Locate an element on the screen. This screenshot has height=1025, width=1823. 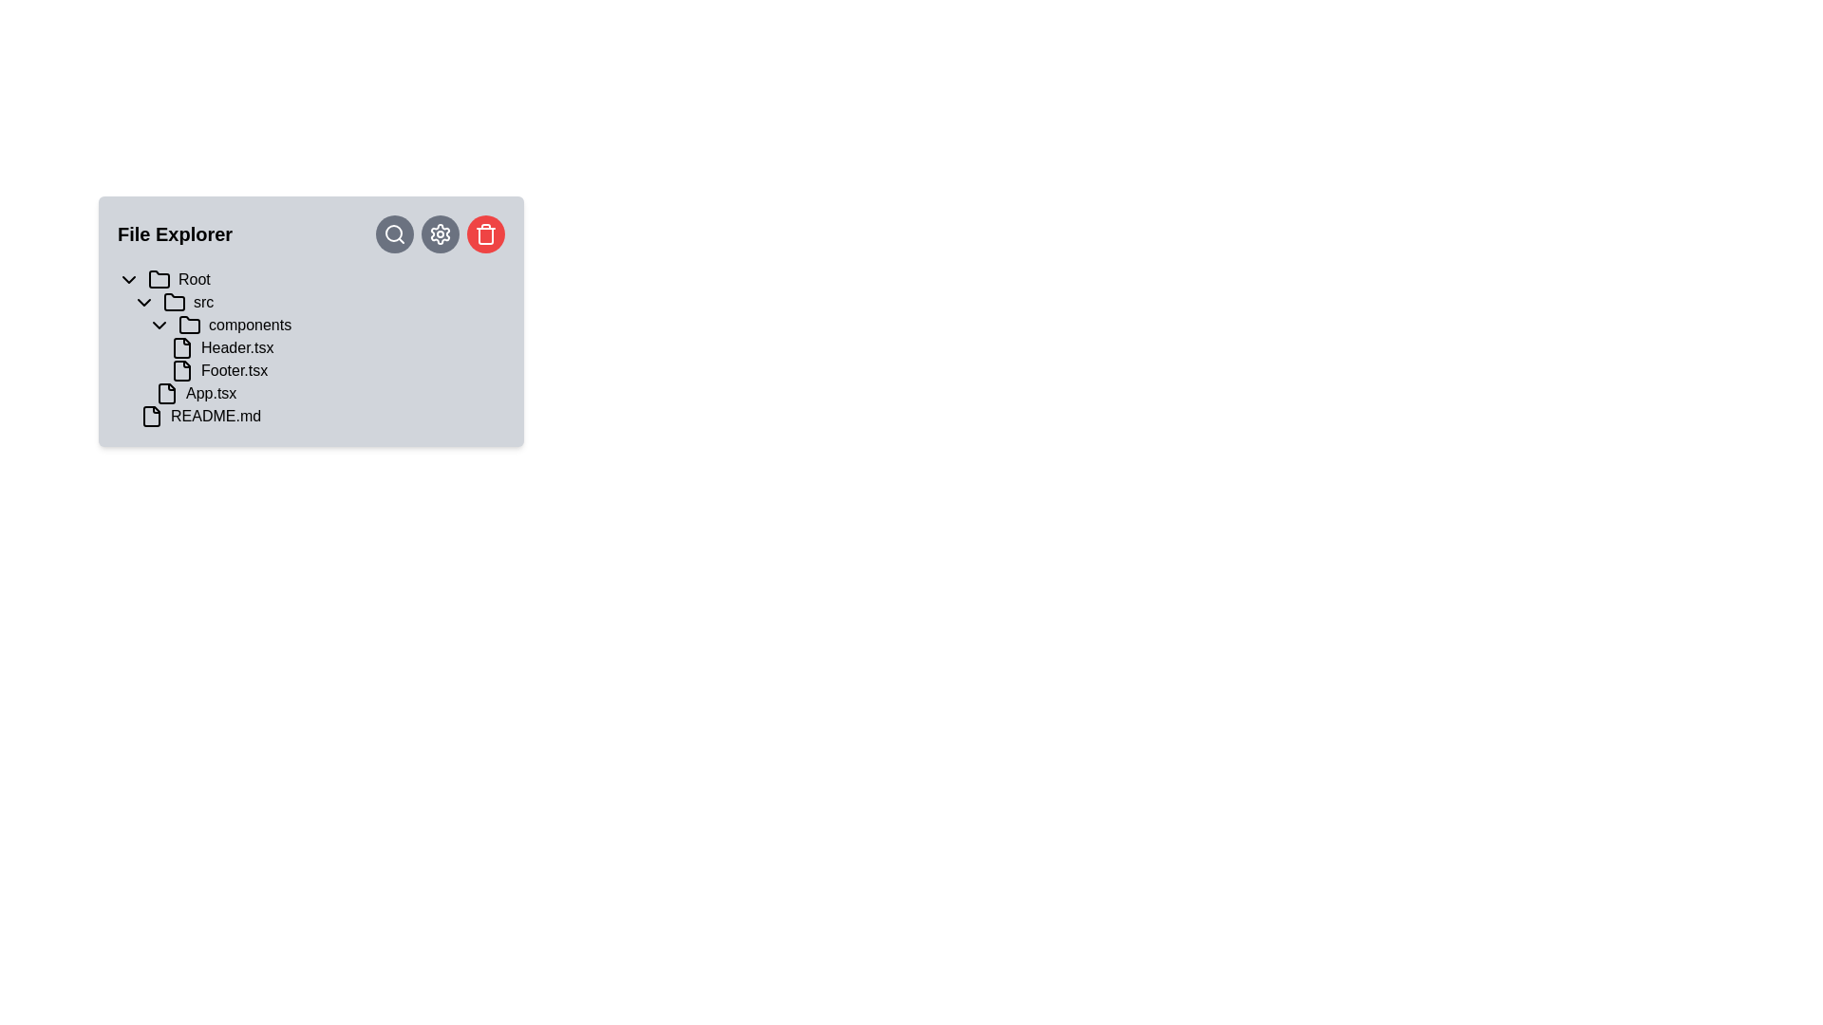
the file representation component for 'README.md' located at the bottom of the file explorer under the 'src' folder is located at coordinates (319, 416).